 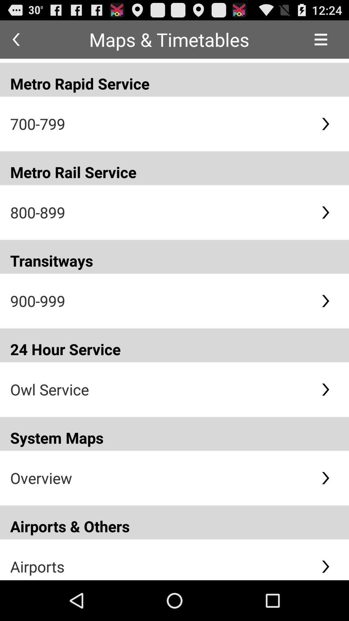 I want to click on the transitways app, so click(x=174, y=256).